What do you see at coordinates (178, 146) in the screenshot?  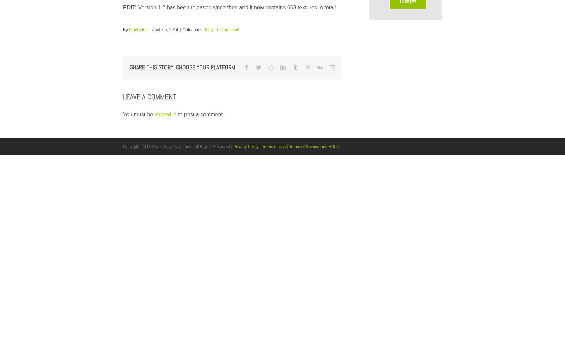 I see `'Copyright 2013-Present by Playlectric | All Rights Reserved |'` at bounding box center [178, 146].